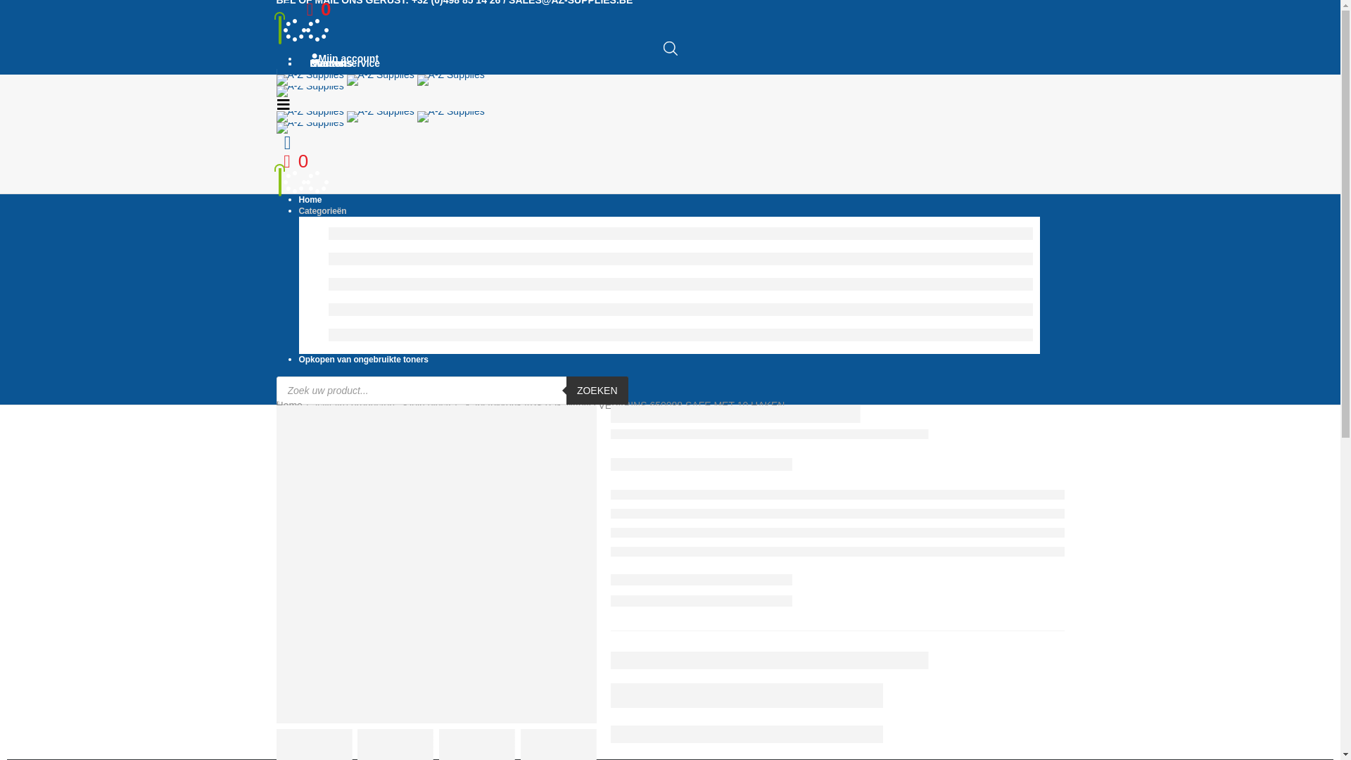 The image size is (1351, 760). Describe the element at coordinates (597, 391) in the screenshot. I see `'ZOEKEN'` at that location.